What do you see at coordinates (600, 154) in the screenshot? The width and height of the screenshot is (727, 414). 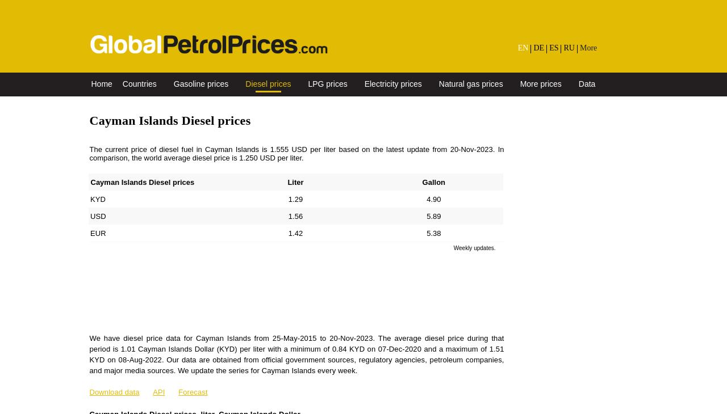 I see `'RO - Română'` at bounding box center [600, 154].